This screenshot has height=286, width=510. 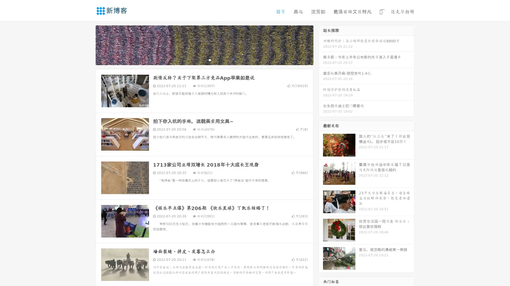 What do you see at coordinates (321, 44) in the screenshot?
I see `Next slide` at bounding box center [321, 44].